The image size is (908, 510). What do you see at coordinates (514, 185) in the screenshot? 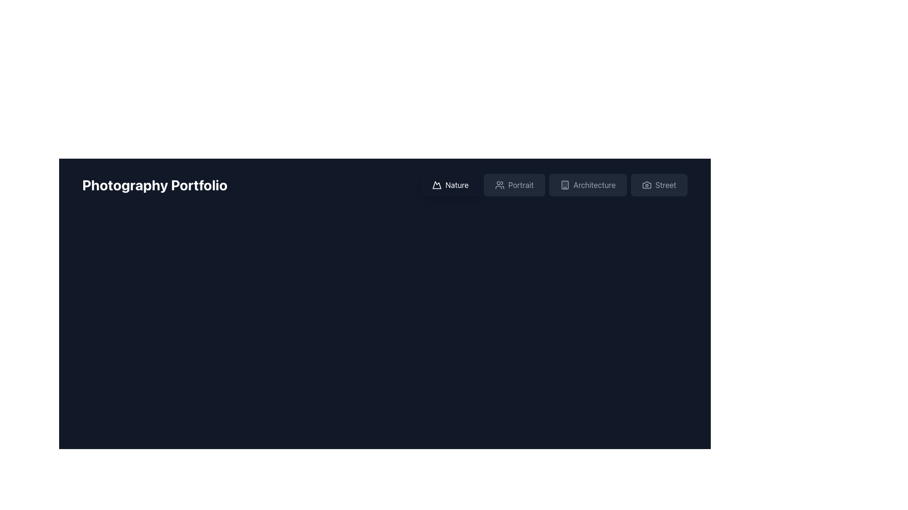
I see `the button` at bounding box center [514, 185].